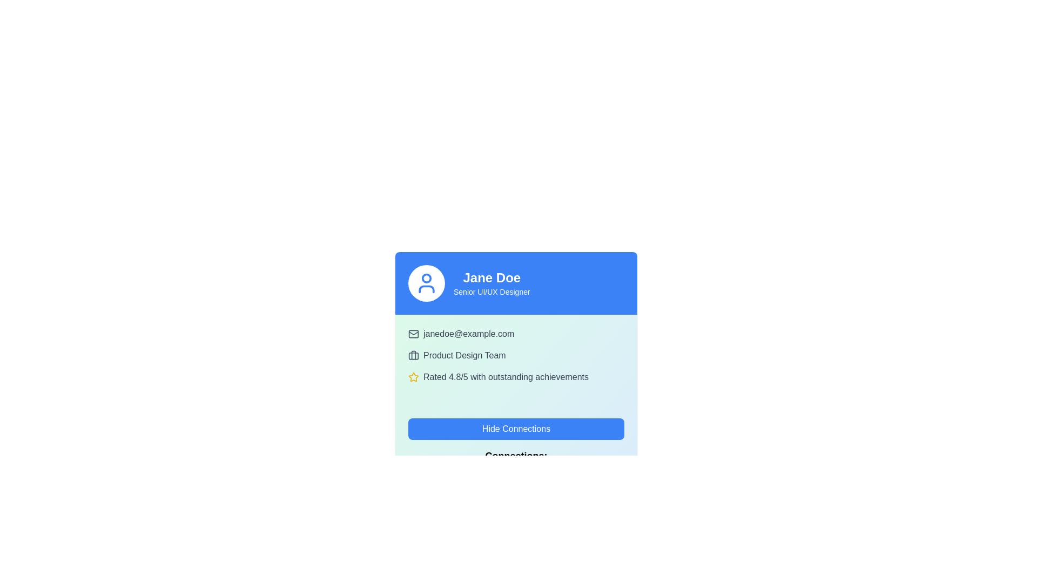  What do you see at coordinates (413, 356) in the screenshot?
I see `the Icon representing the 'Product Design Team', which is located on the left side of the corresponding text to enhance interface readability` at bounding box center [413, 356].